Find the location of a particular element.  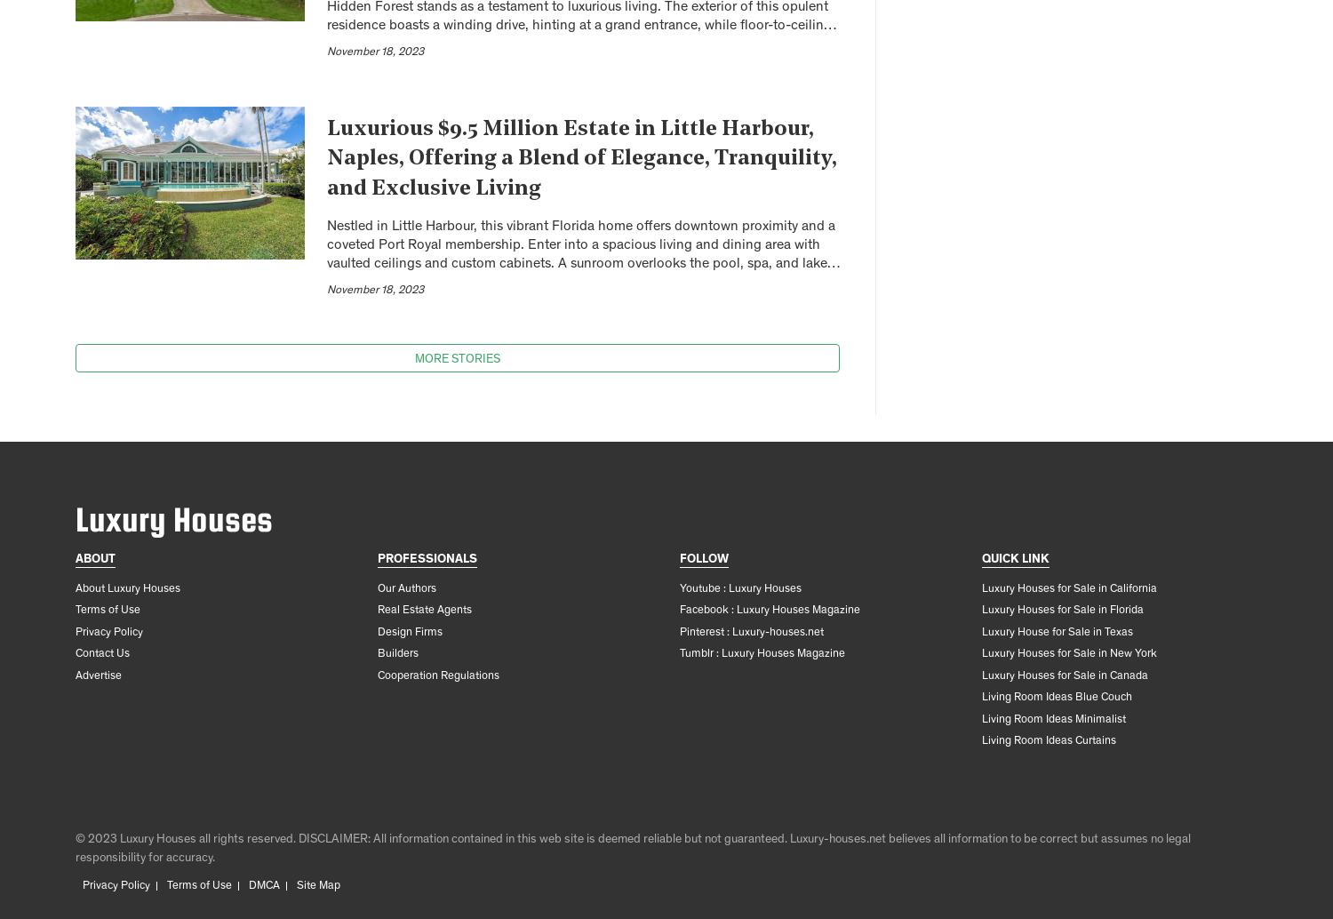

'Facebook : Luxury Houses Magazine' is located at coordinates (769, 611).